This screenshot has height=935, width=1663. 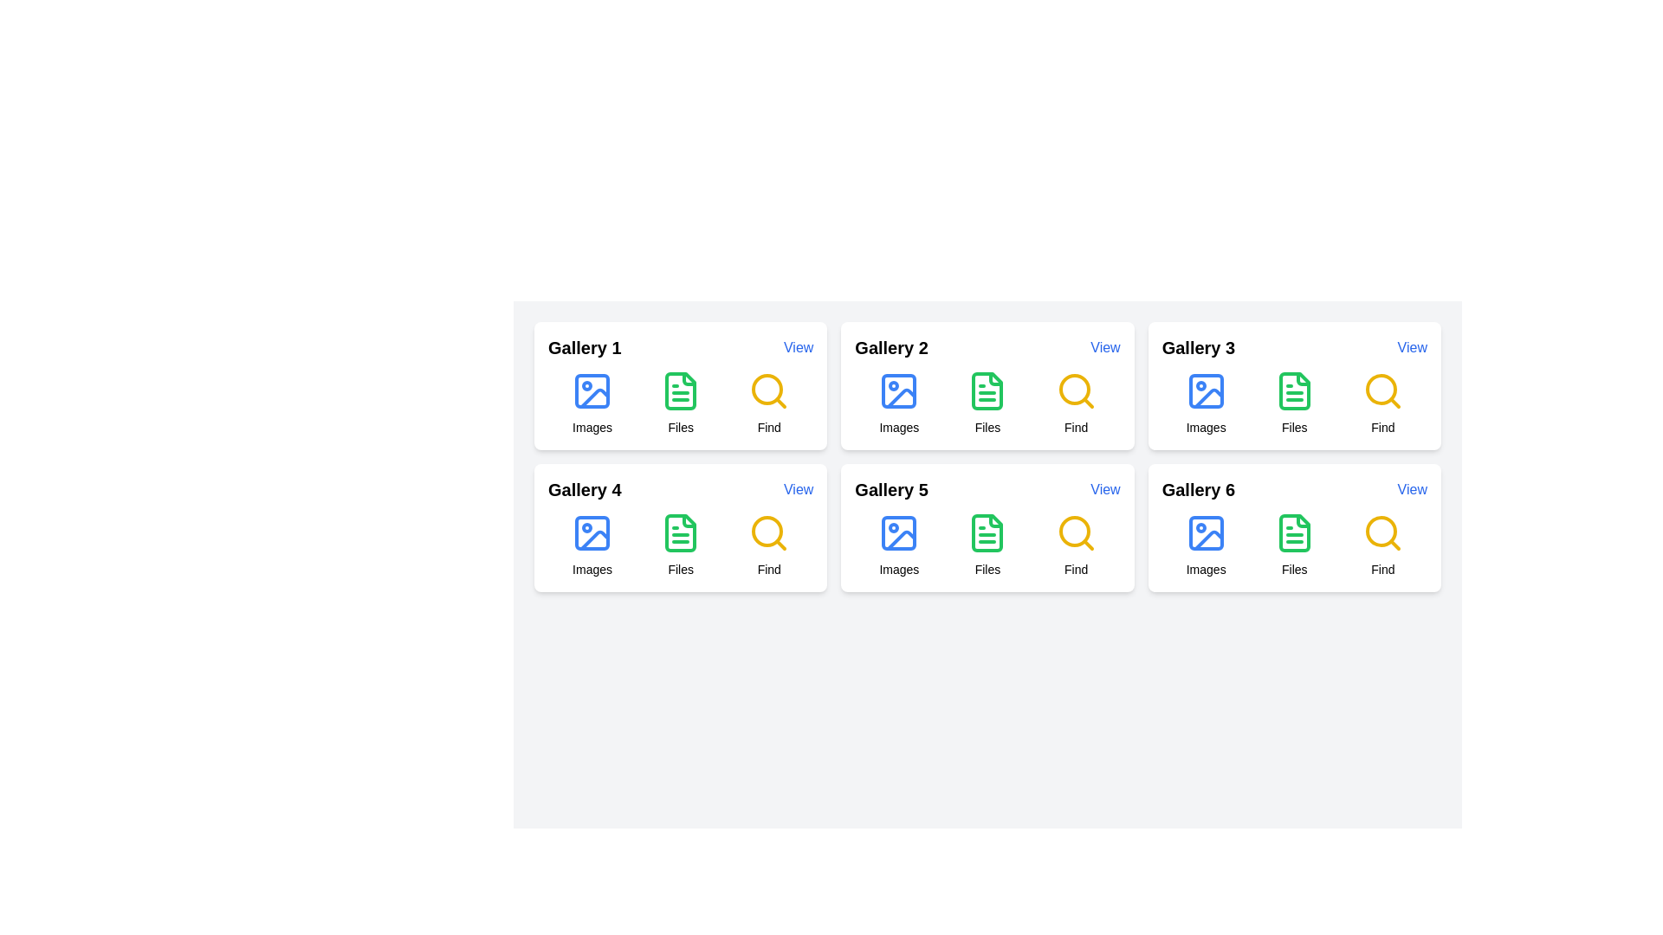 I want to click on the leftmost icon in the 'Gallery 6' section, so click(x=1205, y=544).